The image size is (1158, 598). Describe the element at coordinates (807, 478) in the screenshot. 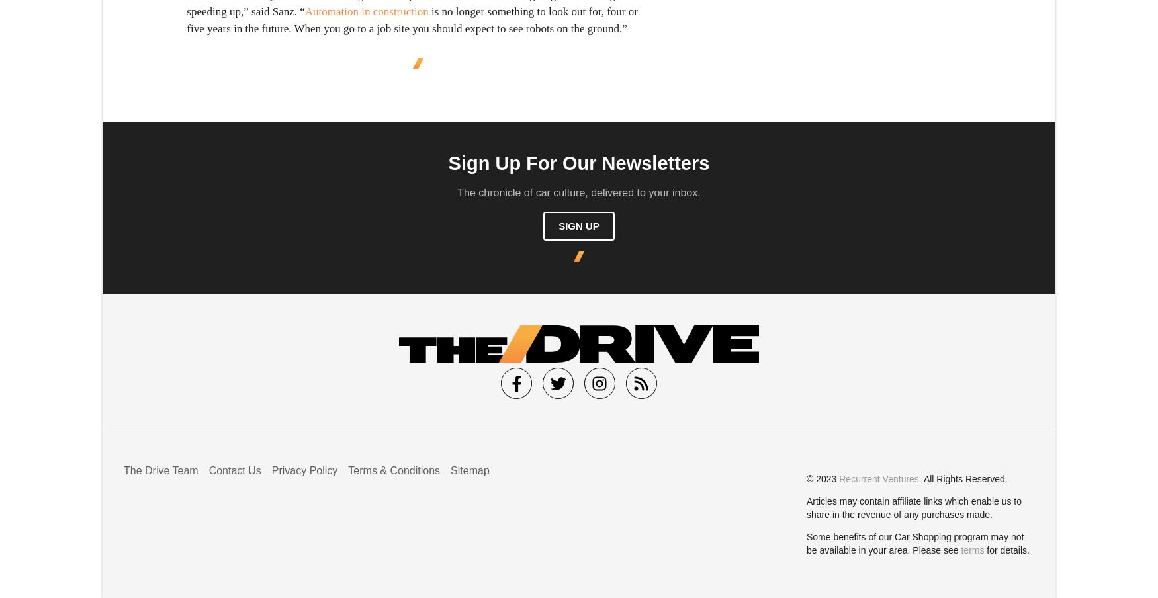

I see `'© 2023'` at that location.